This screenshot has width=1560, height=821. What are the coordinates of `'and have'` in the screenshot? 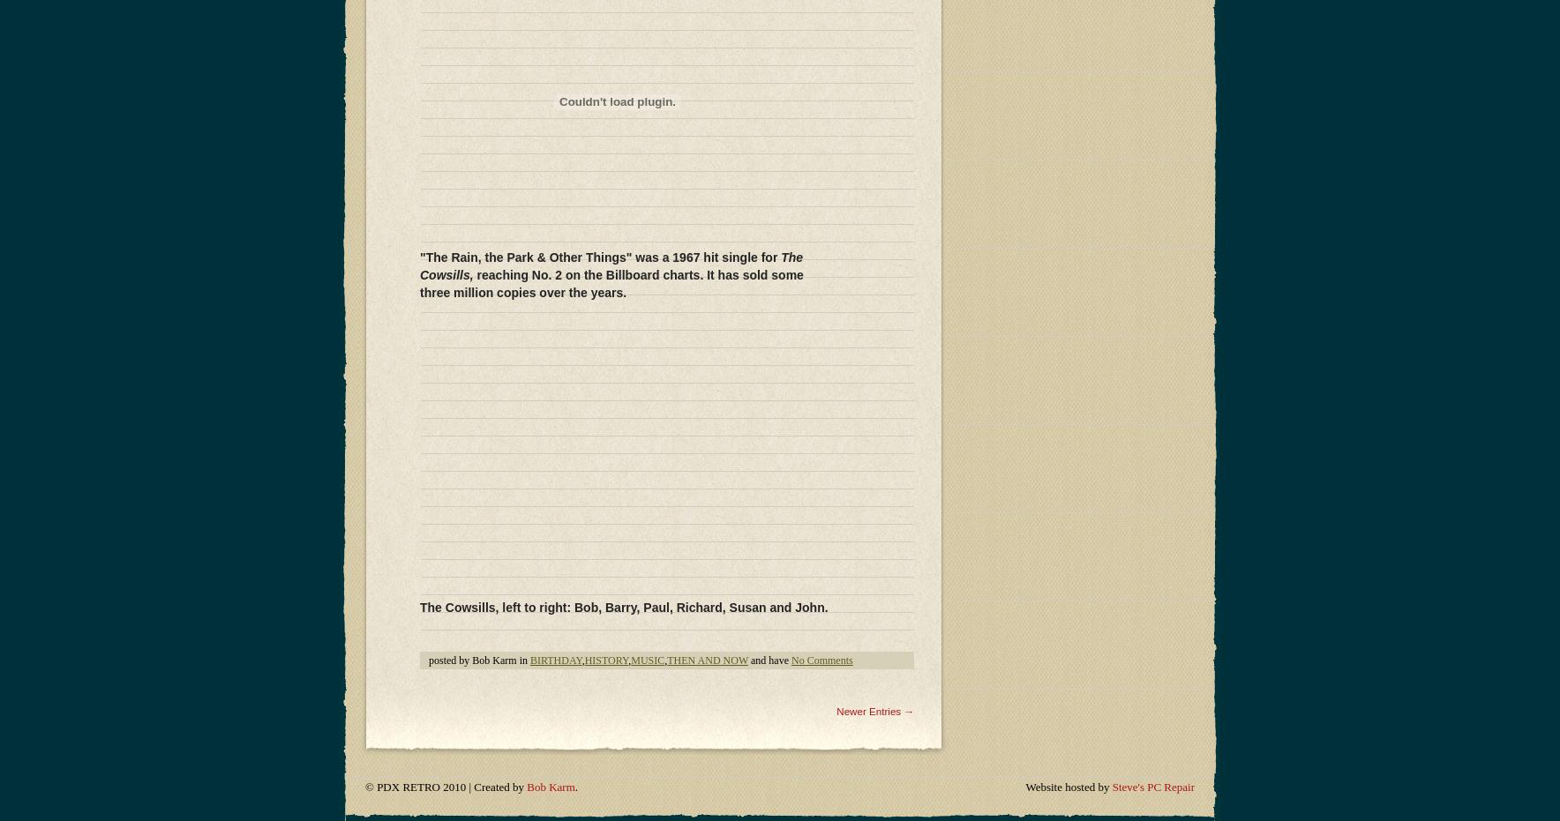 It's located at (769, 225).